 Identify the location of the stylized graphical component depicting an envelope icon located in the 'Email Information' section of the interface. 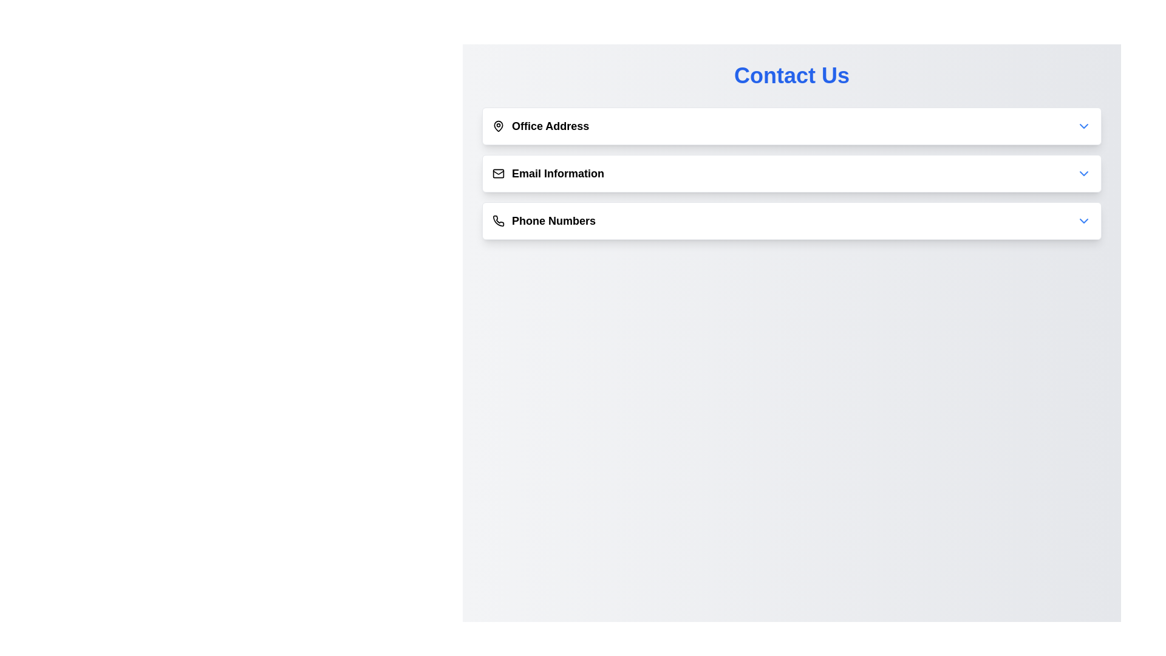
(498, 173).